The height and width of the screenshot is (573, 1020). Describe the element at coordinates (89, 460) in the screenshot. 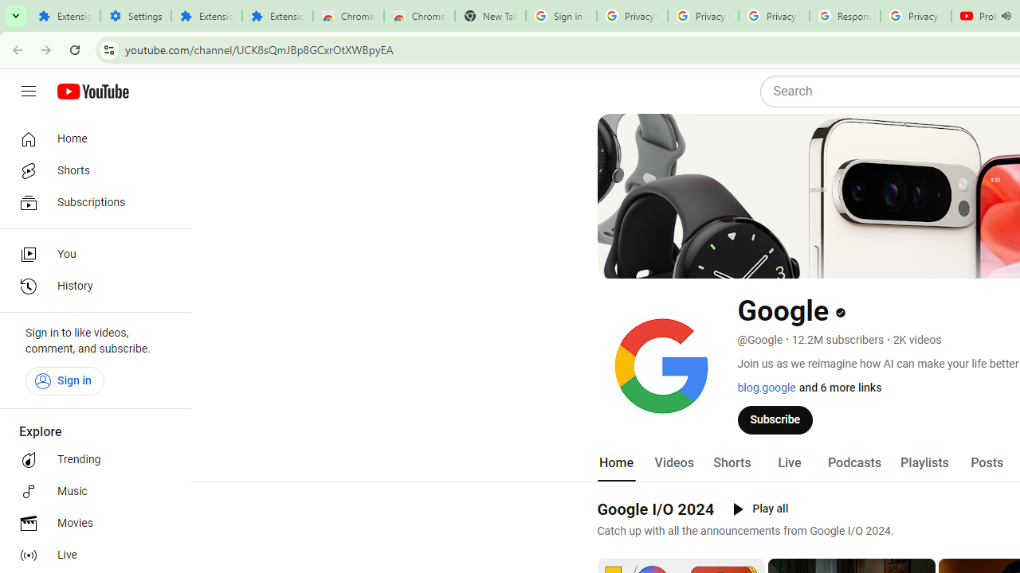

I see `'Trending'` at that location.